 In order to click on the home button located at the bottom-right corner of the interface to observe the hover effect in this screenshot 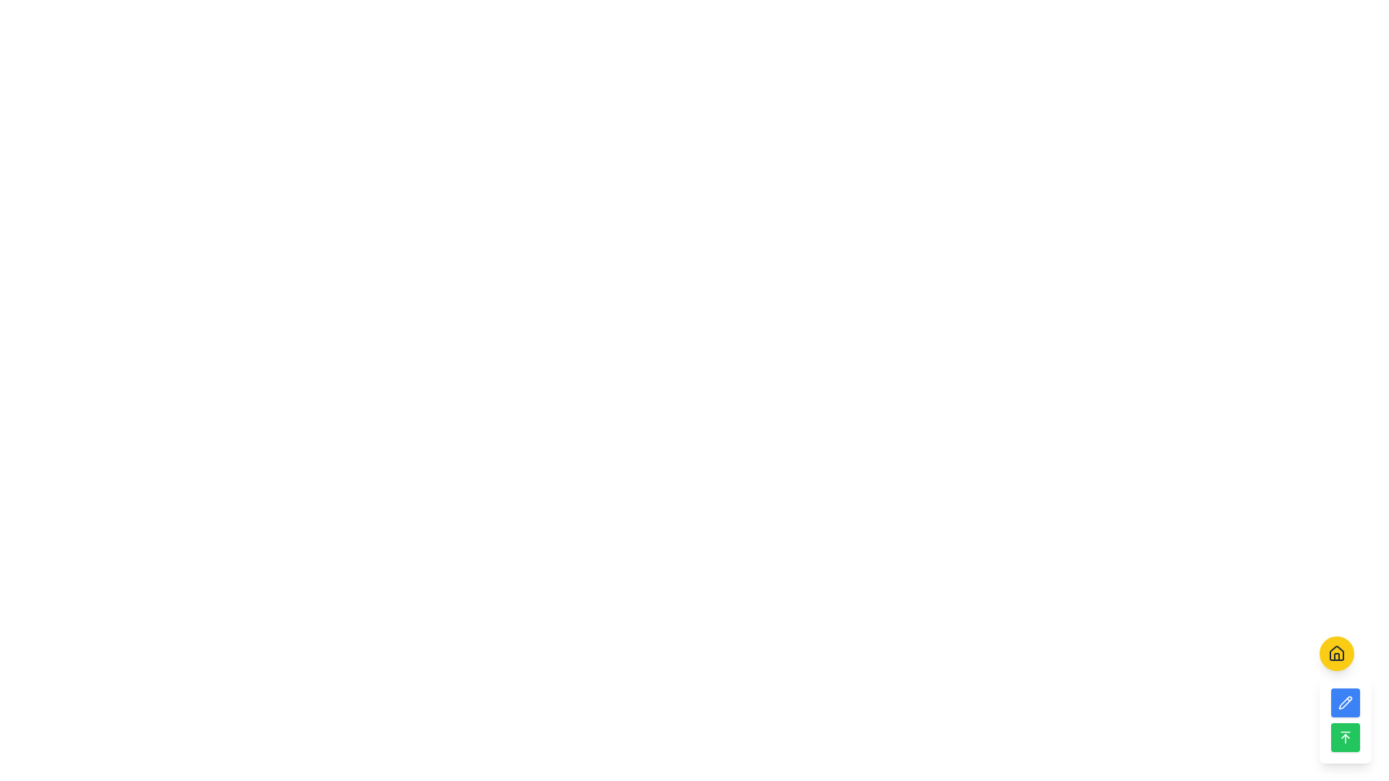, I will do `click(1336, 653)`.